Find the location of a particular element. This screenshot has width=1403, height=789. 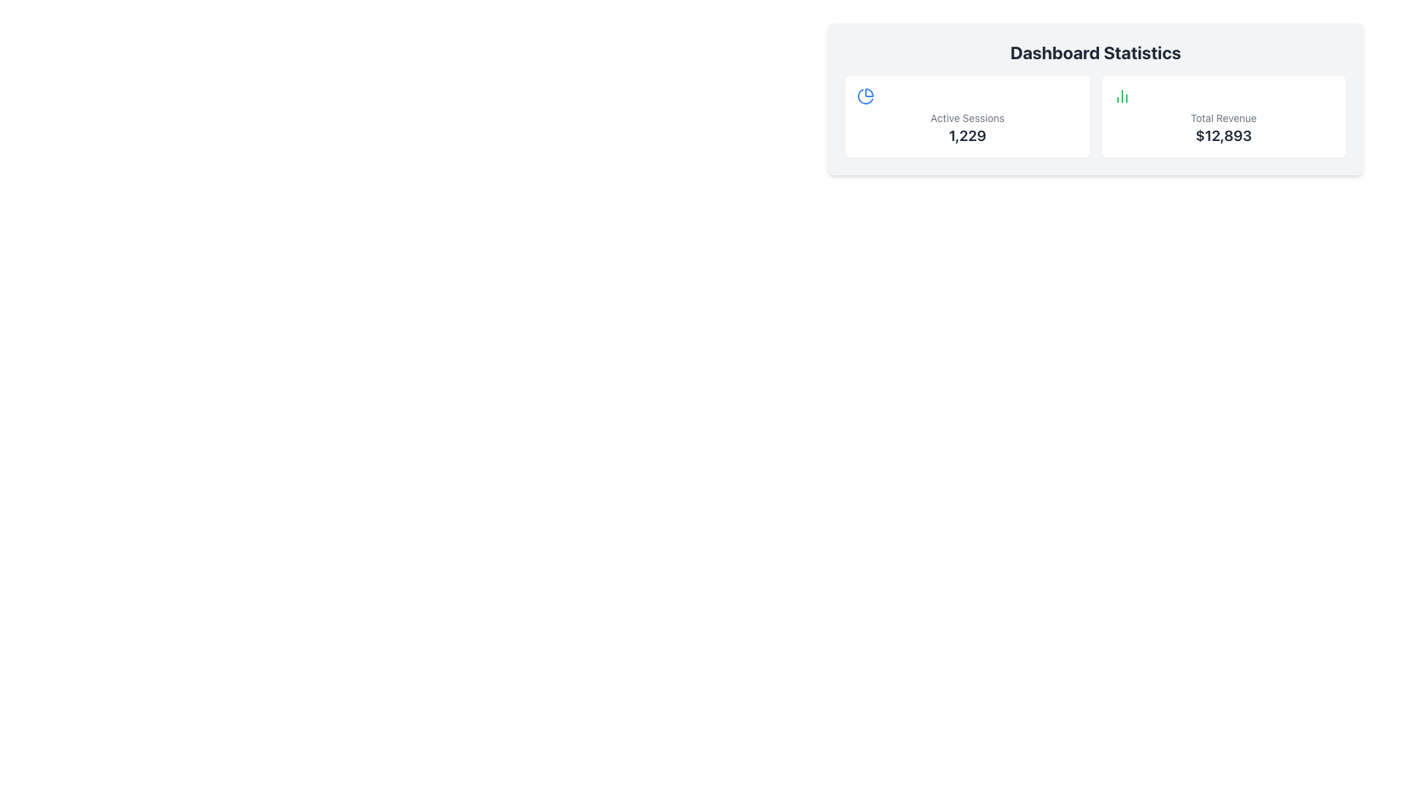

the text displaying '1,229' that indicates the number of active sessions is located at coordinates (967, 135).